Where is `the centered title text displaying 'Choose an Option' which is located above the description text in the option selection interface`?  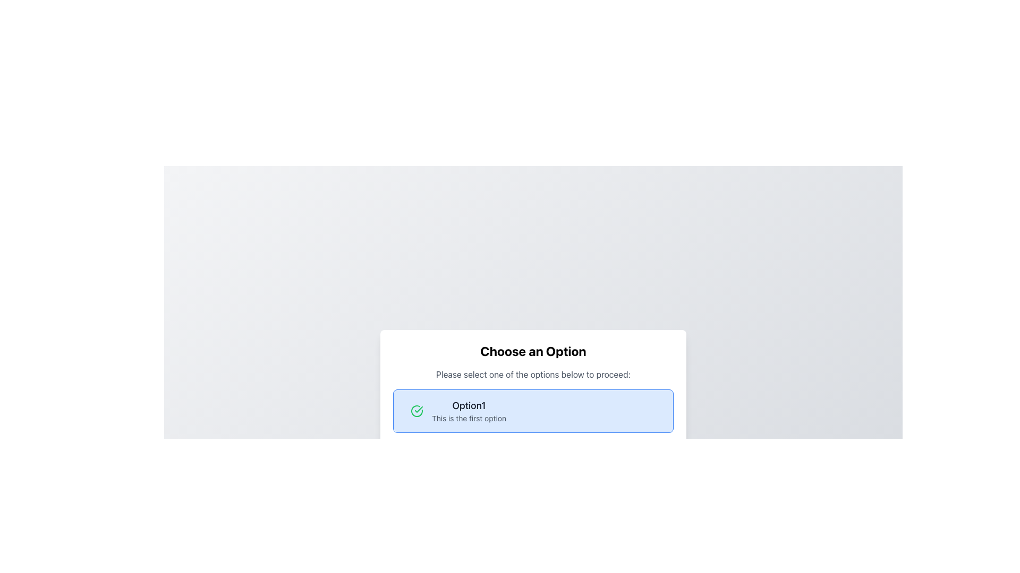 the centered title text displaying 'Choose an Option' which is located above the description text in the option selection interface is located at coordinates (533, 351).